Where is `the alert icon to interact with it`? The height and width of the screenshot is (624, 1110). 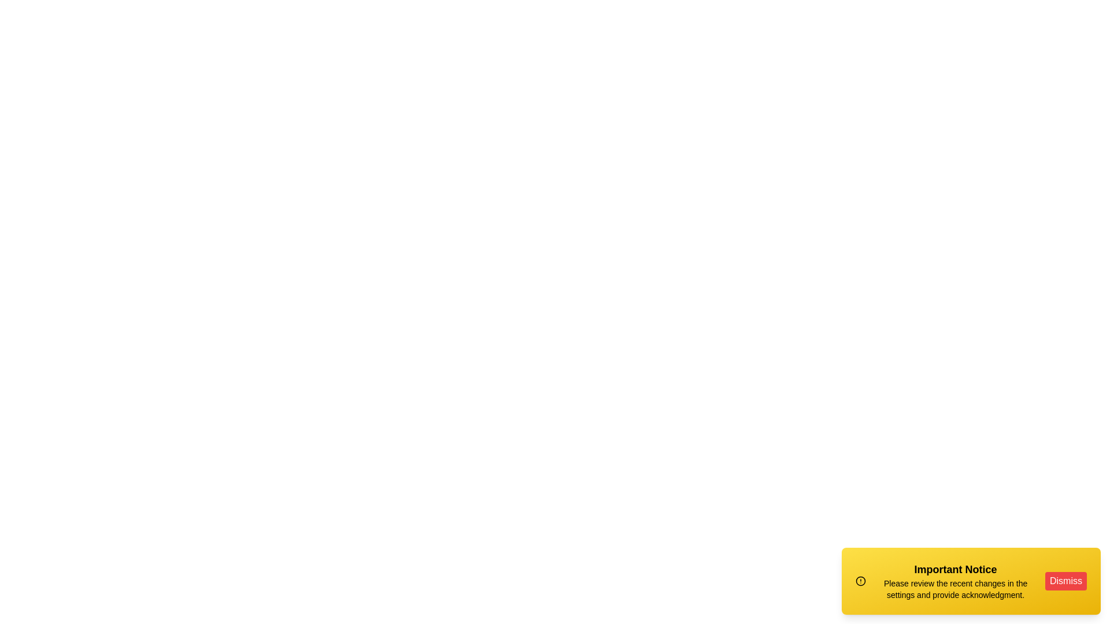
the alert icon to interact with it is located at coordinates (860, 581).